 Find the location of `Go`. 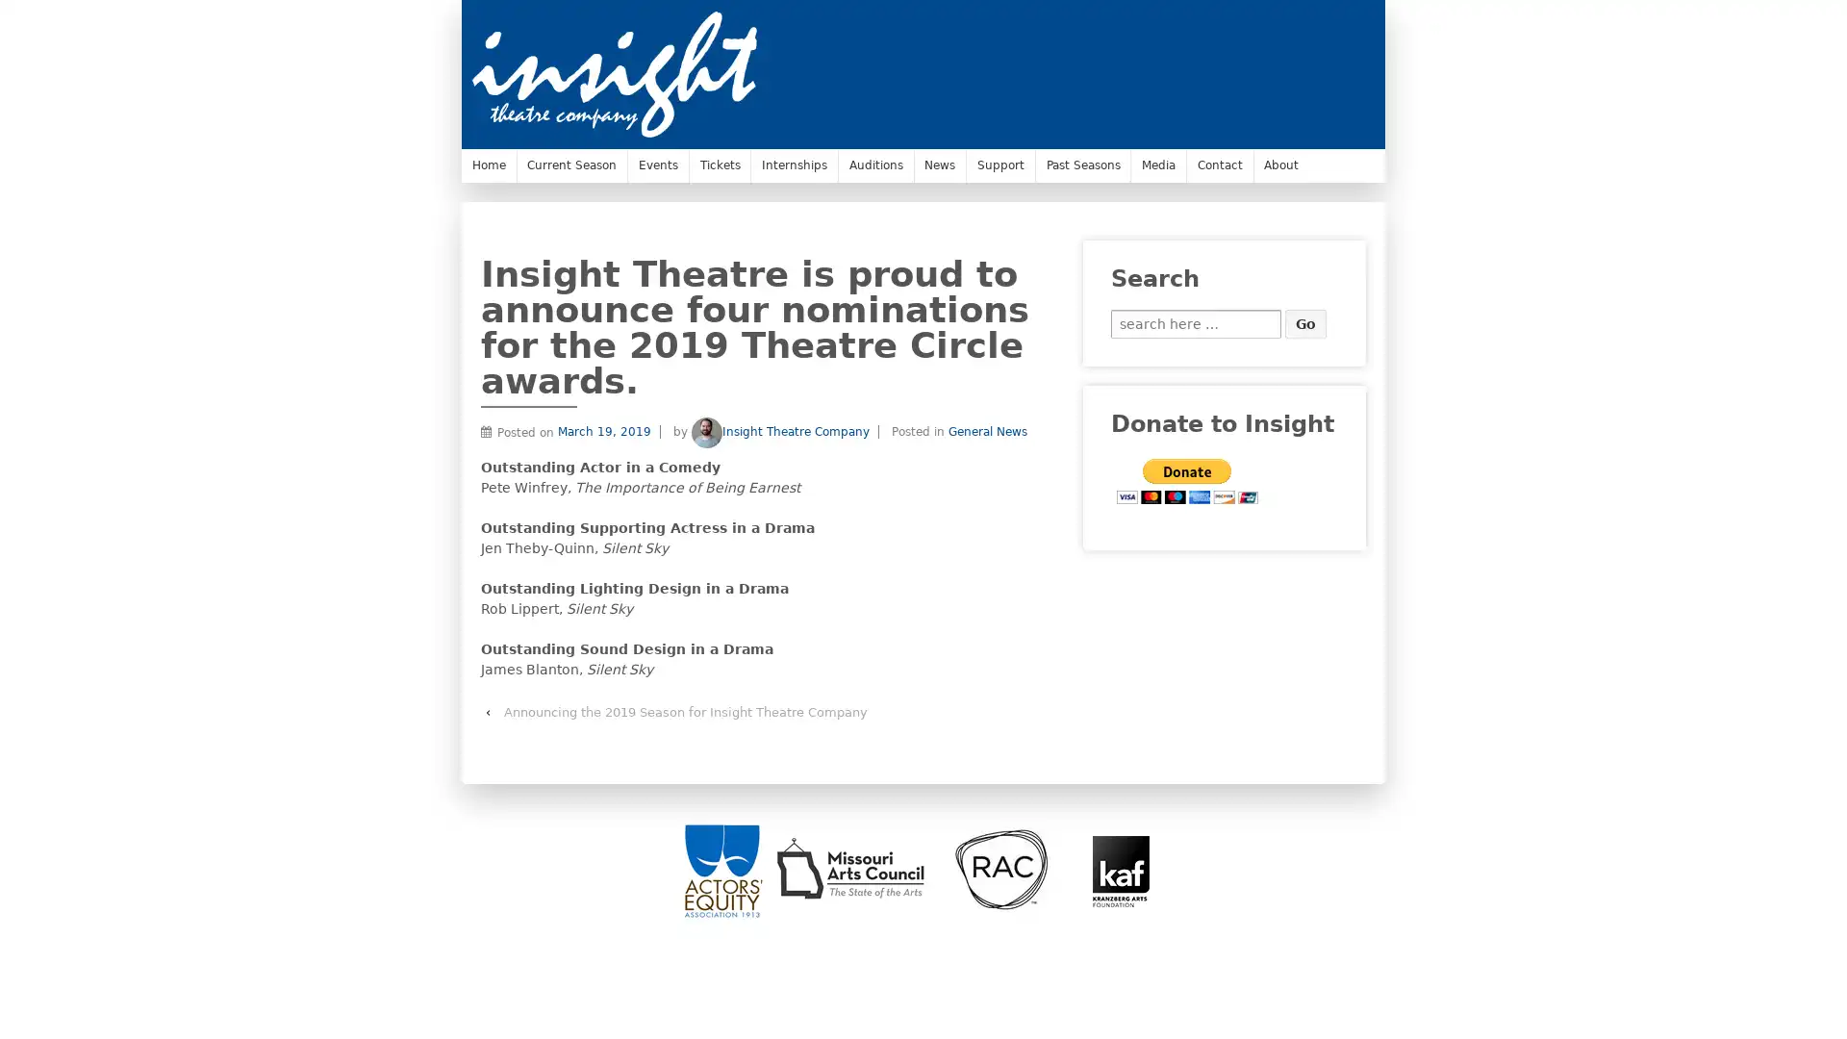

Go is located at coordinates (1305, 322).